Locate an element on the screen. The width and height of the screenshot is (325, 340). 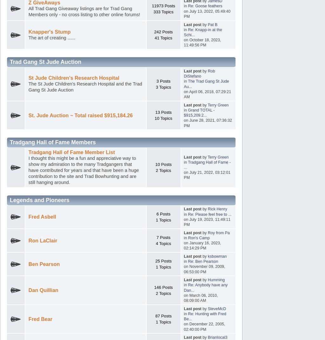
'The art of creating ......' is located at coordinates (51, 37).